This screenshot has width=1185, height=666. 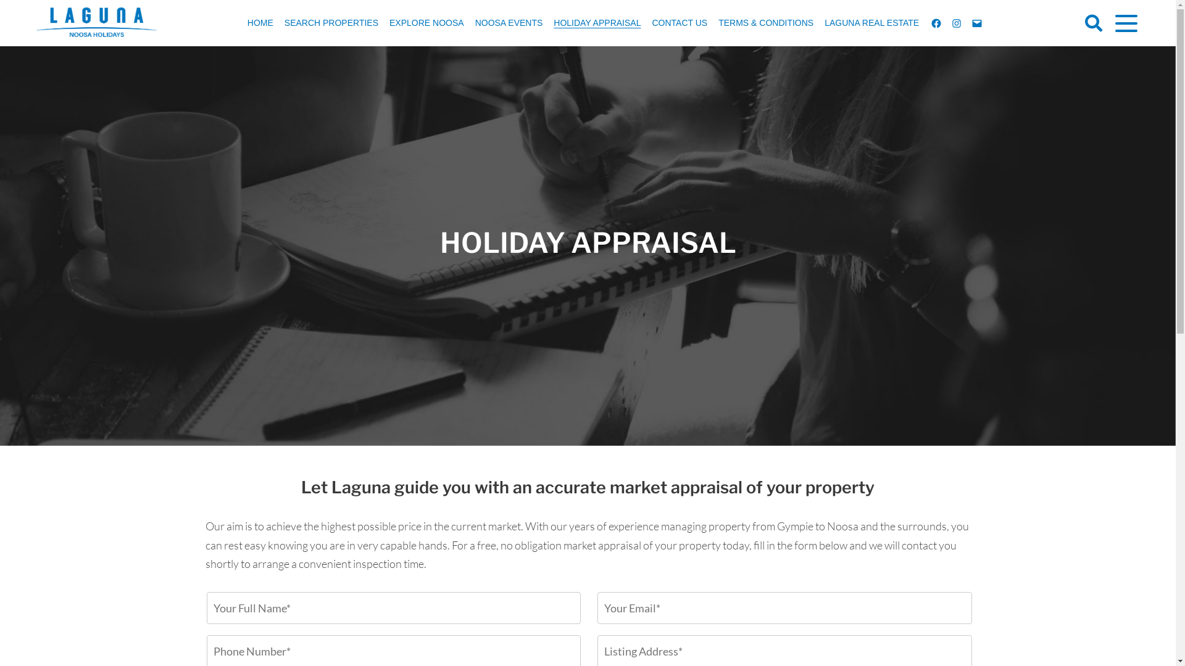 I want to click on 'HOME', so click(x=260, y=23).